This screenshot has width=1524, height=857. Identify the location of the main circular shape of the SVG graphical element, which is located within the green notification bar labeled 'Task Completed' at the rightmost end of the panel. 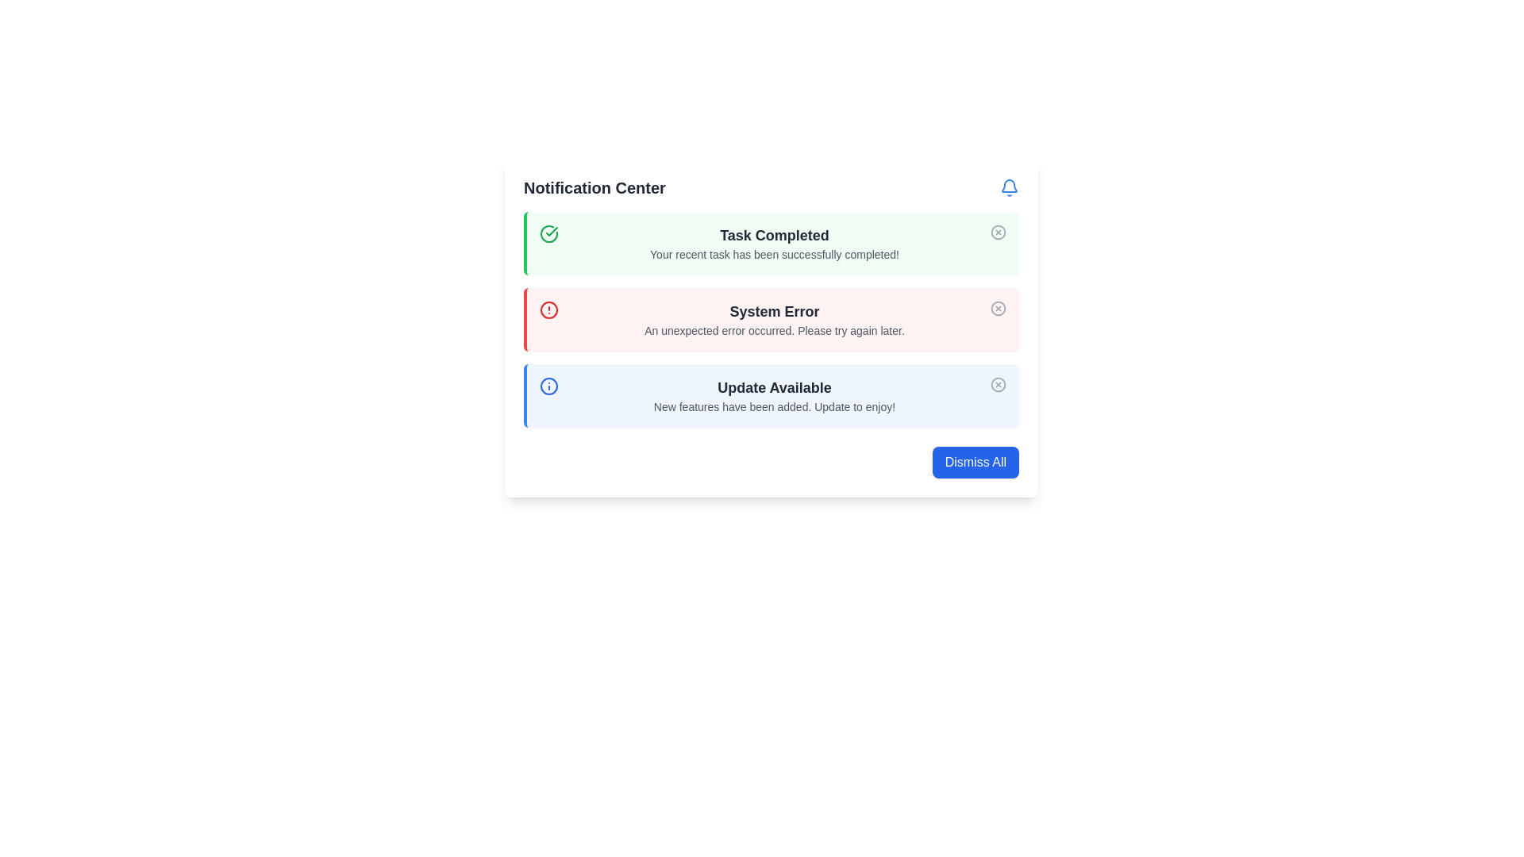
(997, 233).